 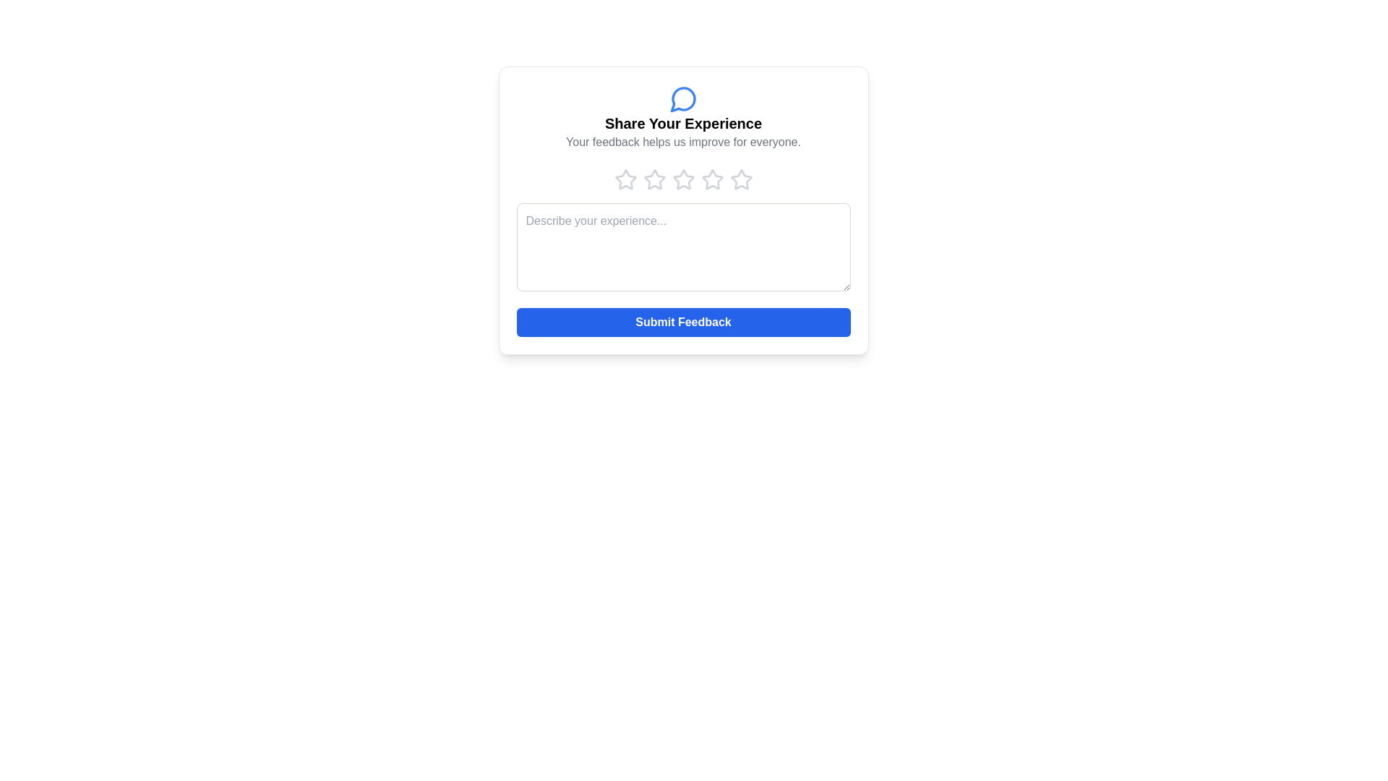 What do you see at coordinates (682, 210) in the screenshot?
I see `the stars in the interactive feedback form` at bounding box center [682, 210].